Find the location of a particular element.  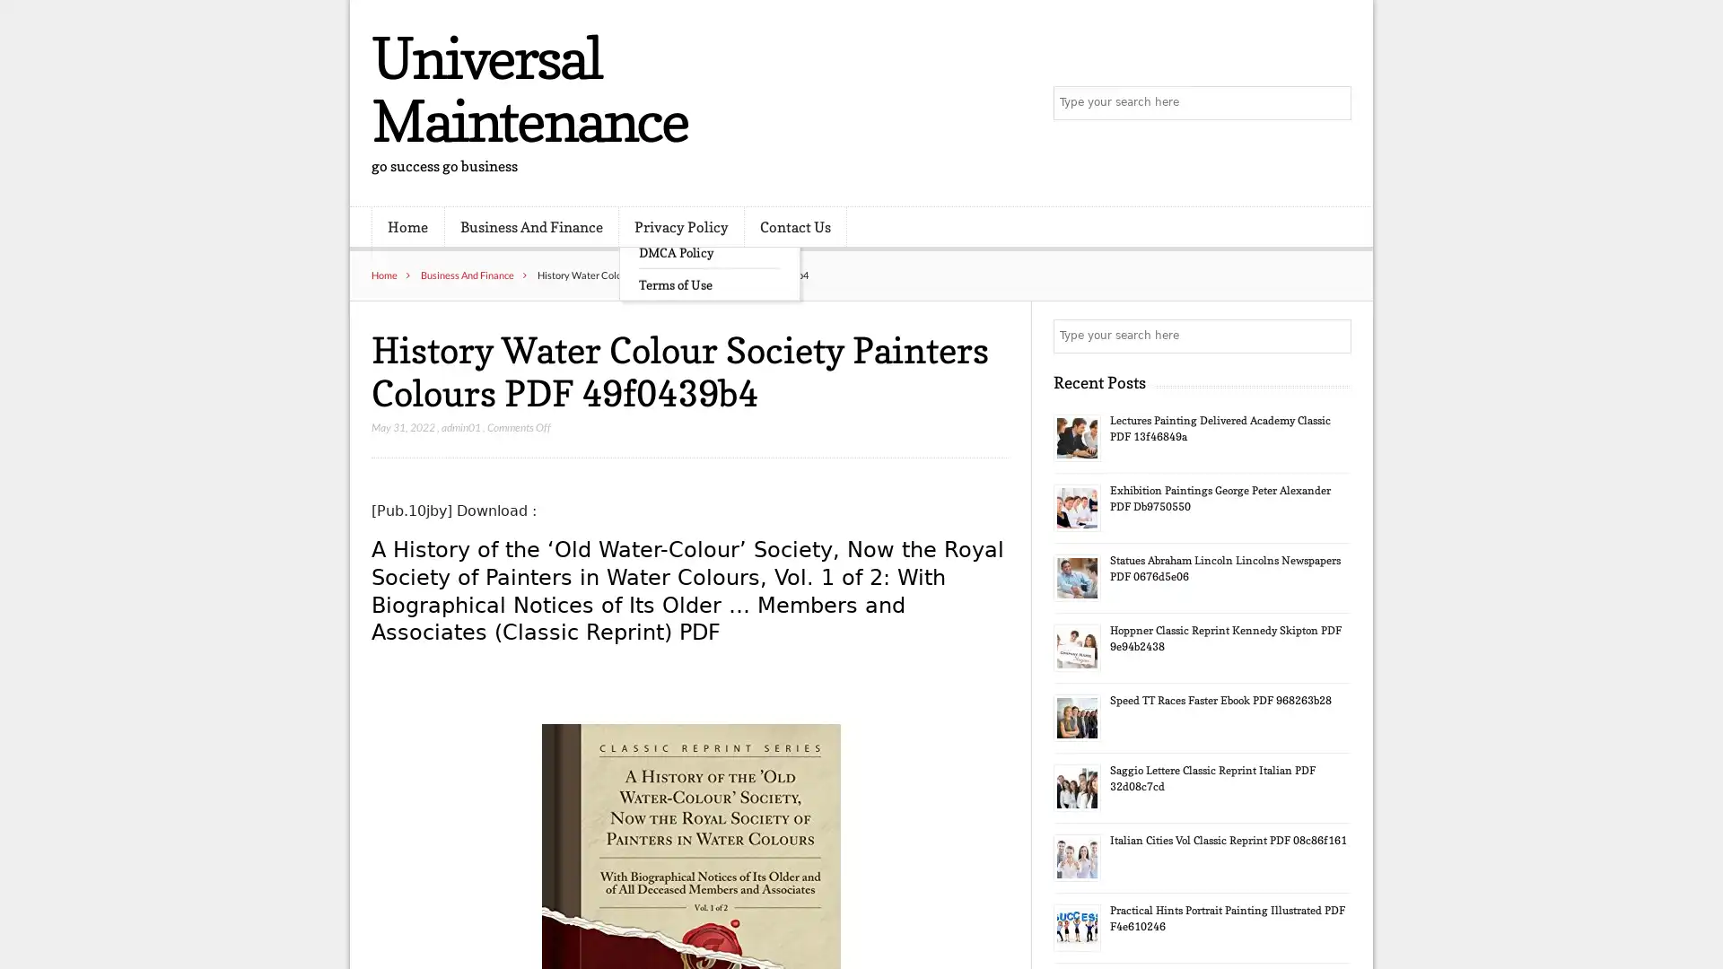

Search is located at coordinates (1333, 103).